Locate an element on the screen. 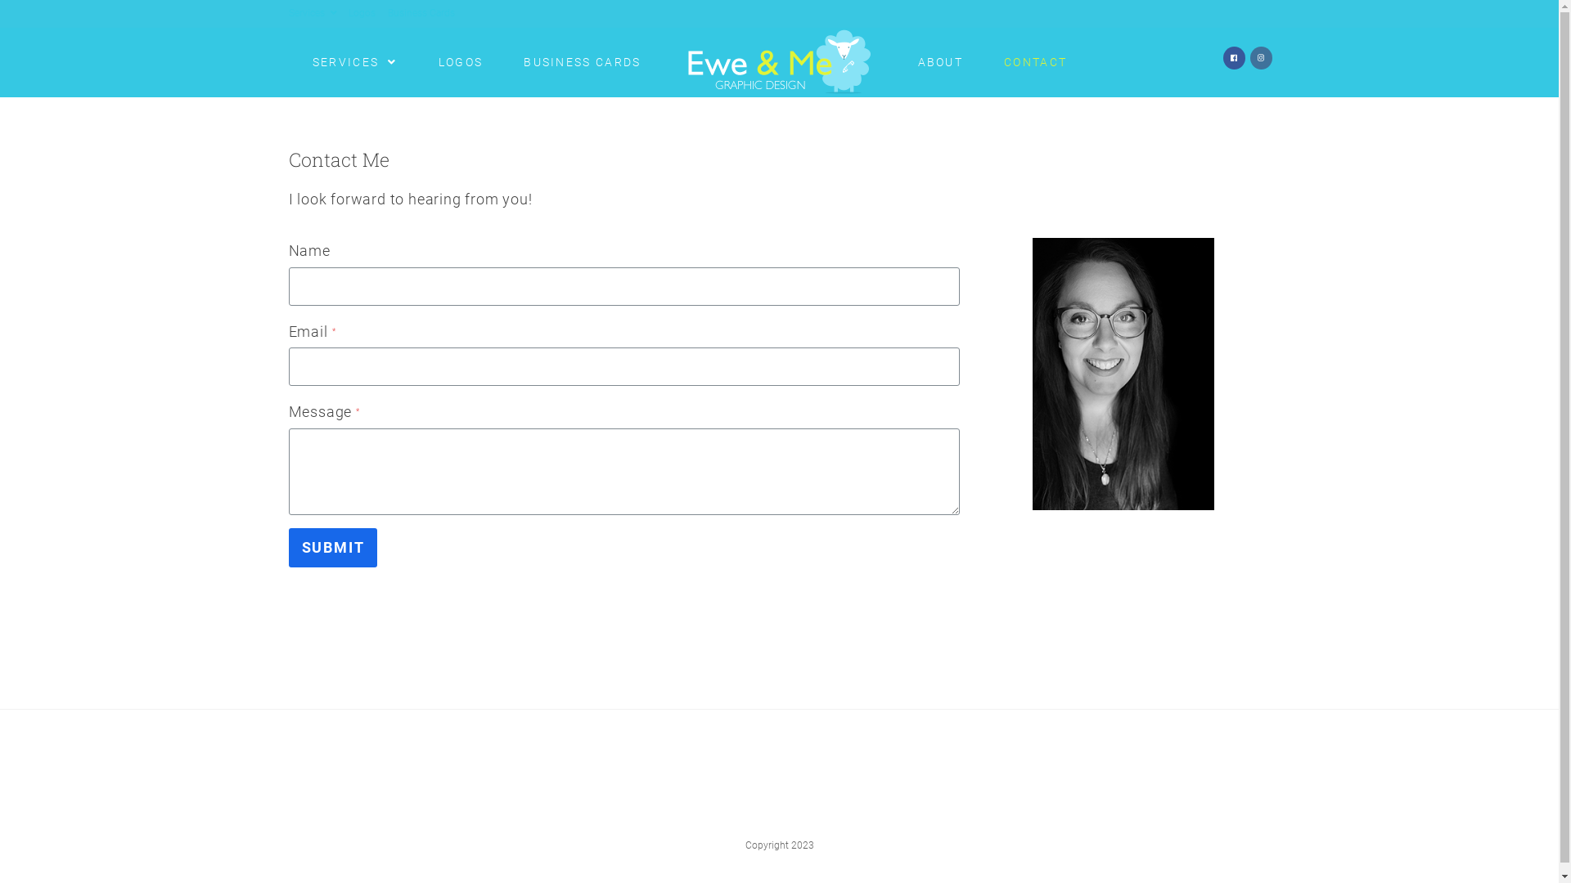  'LOGOS' is located at coordinates (460, 61).